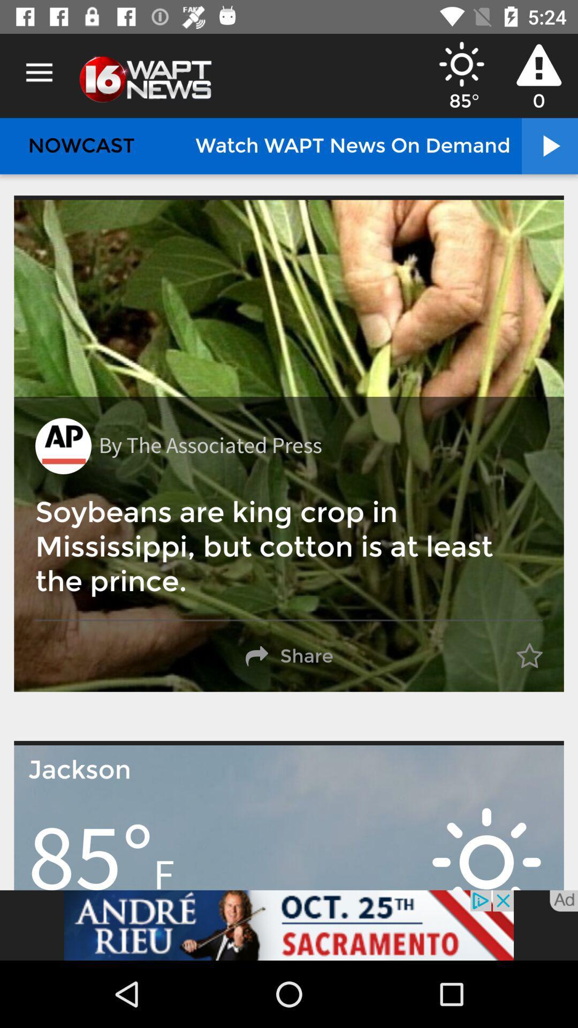 This screenshot has width=578, height=1028. What do you see at coordinates (289, 925) in the screenshot?
I see `open advertisement about andr rieu` at bounding box center [289, 925].